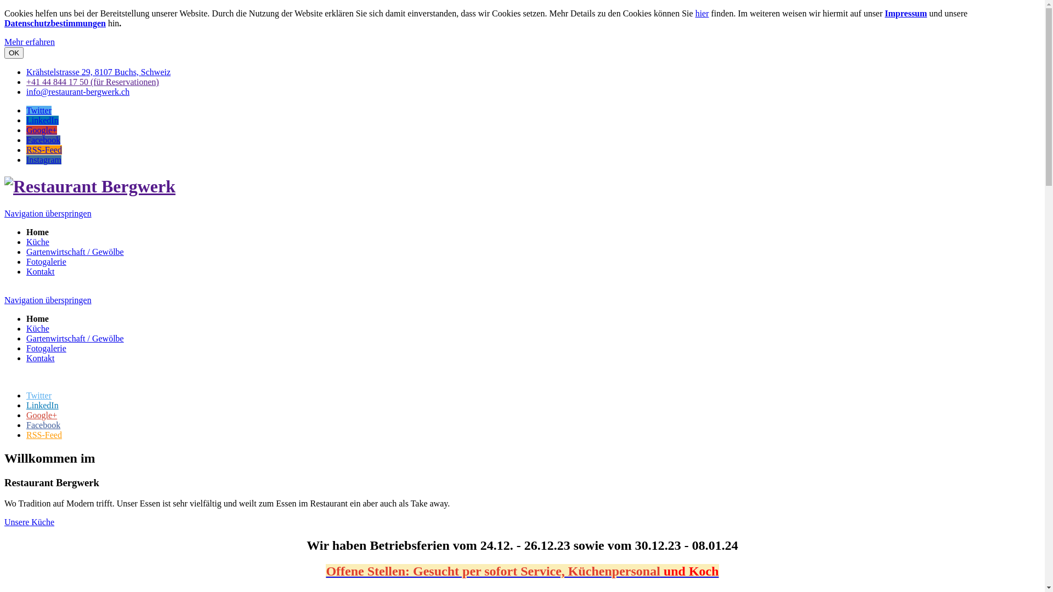  What do you see at coordinates (43, 424) in the screenshot?
I see `'Facebook'` at bounding box center [43, 424].